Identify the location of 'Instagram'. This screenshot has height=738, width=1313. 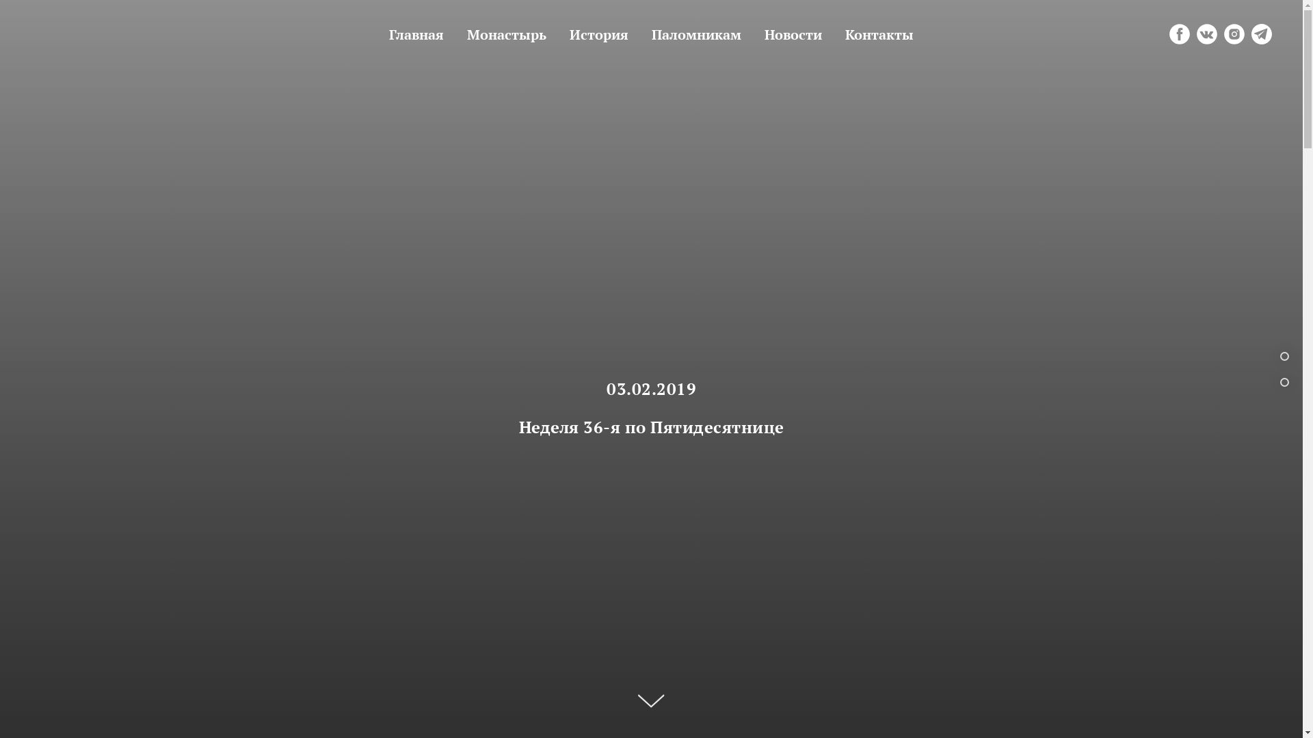
(1224, 33).